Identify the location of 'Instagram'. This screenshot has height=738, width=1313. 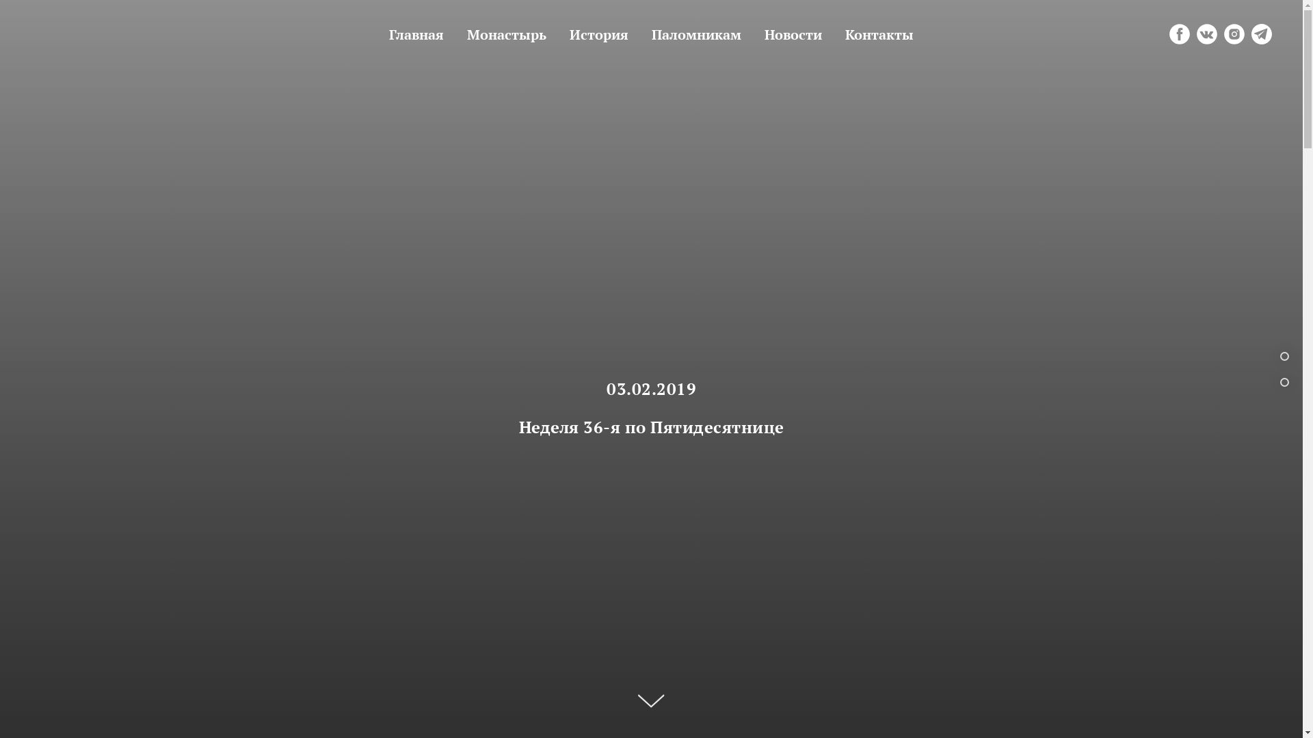
(1224, 33).